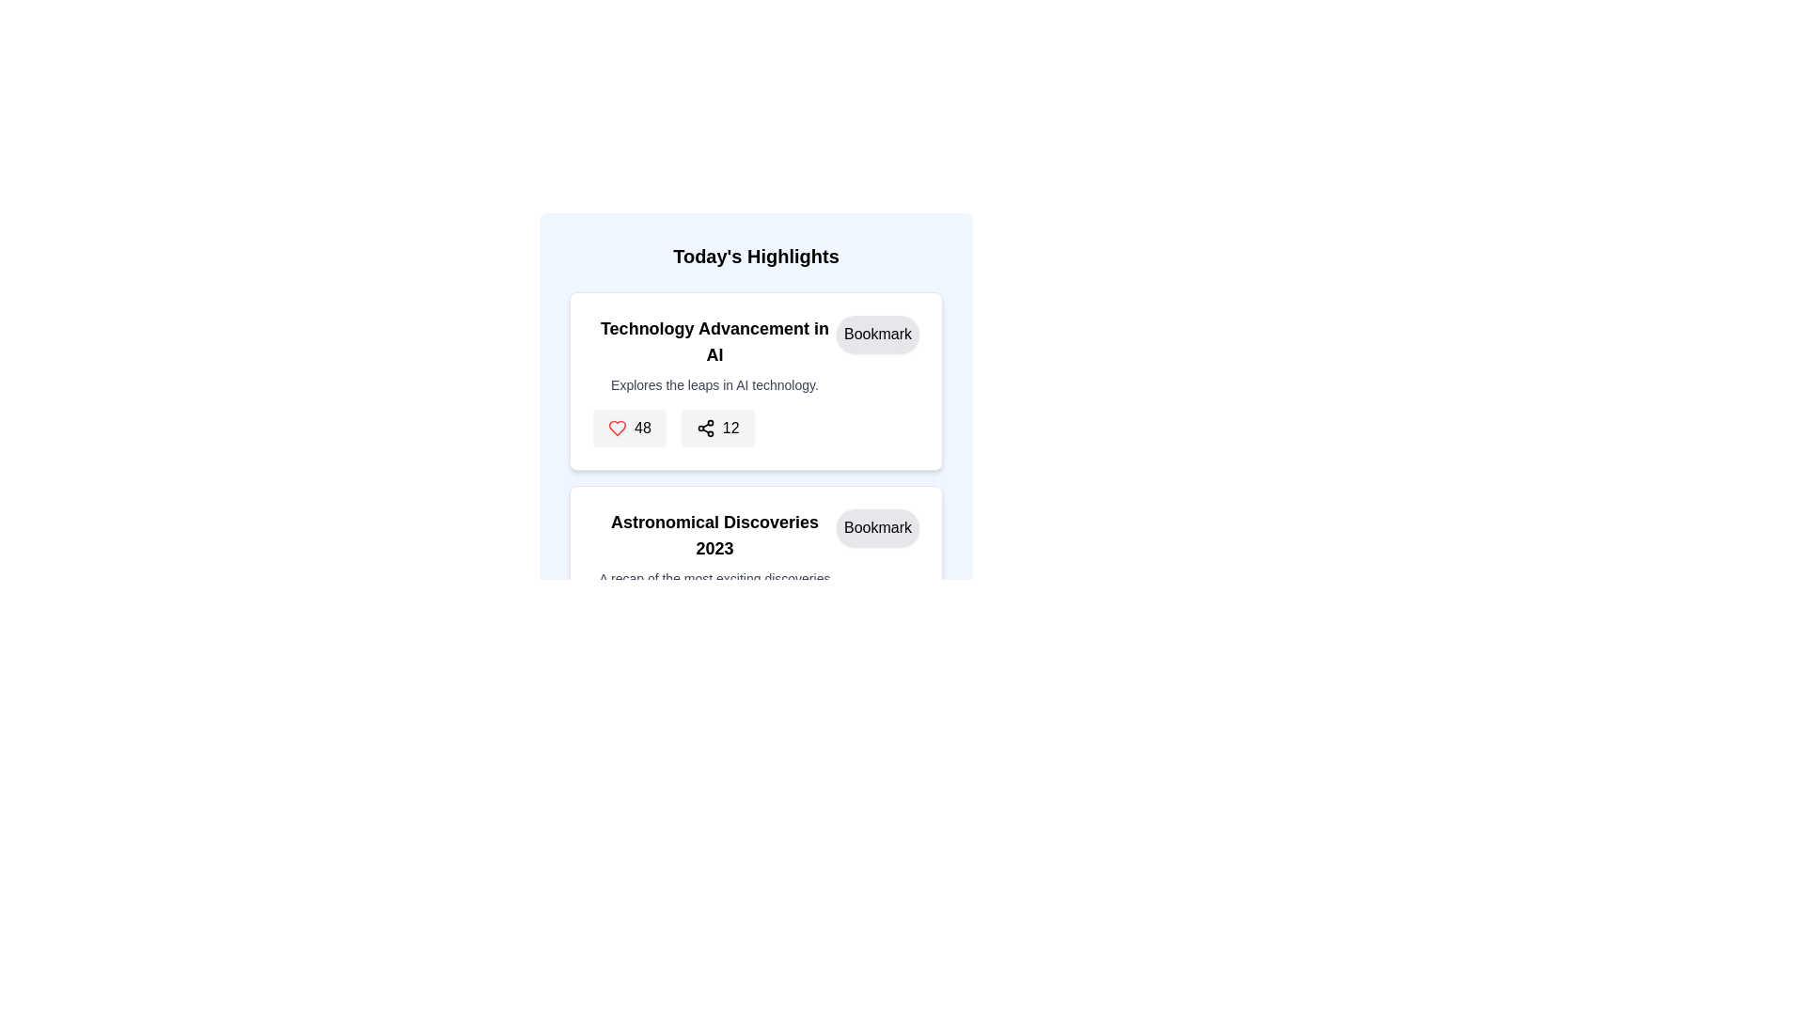  I want to click on textual heading element located at the top of the 'Today's Highlights' card to gather information about the featured topic, so click(714, 341).